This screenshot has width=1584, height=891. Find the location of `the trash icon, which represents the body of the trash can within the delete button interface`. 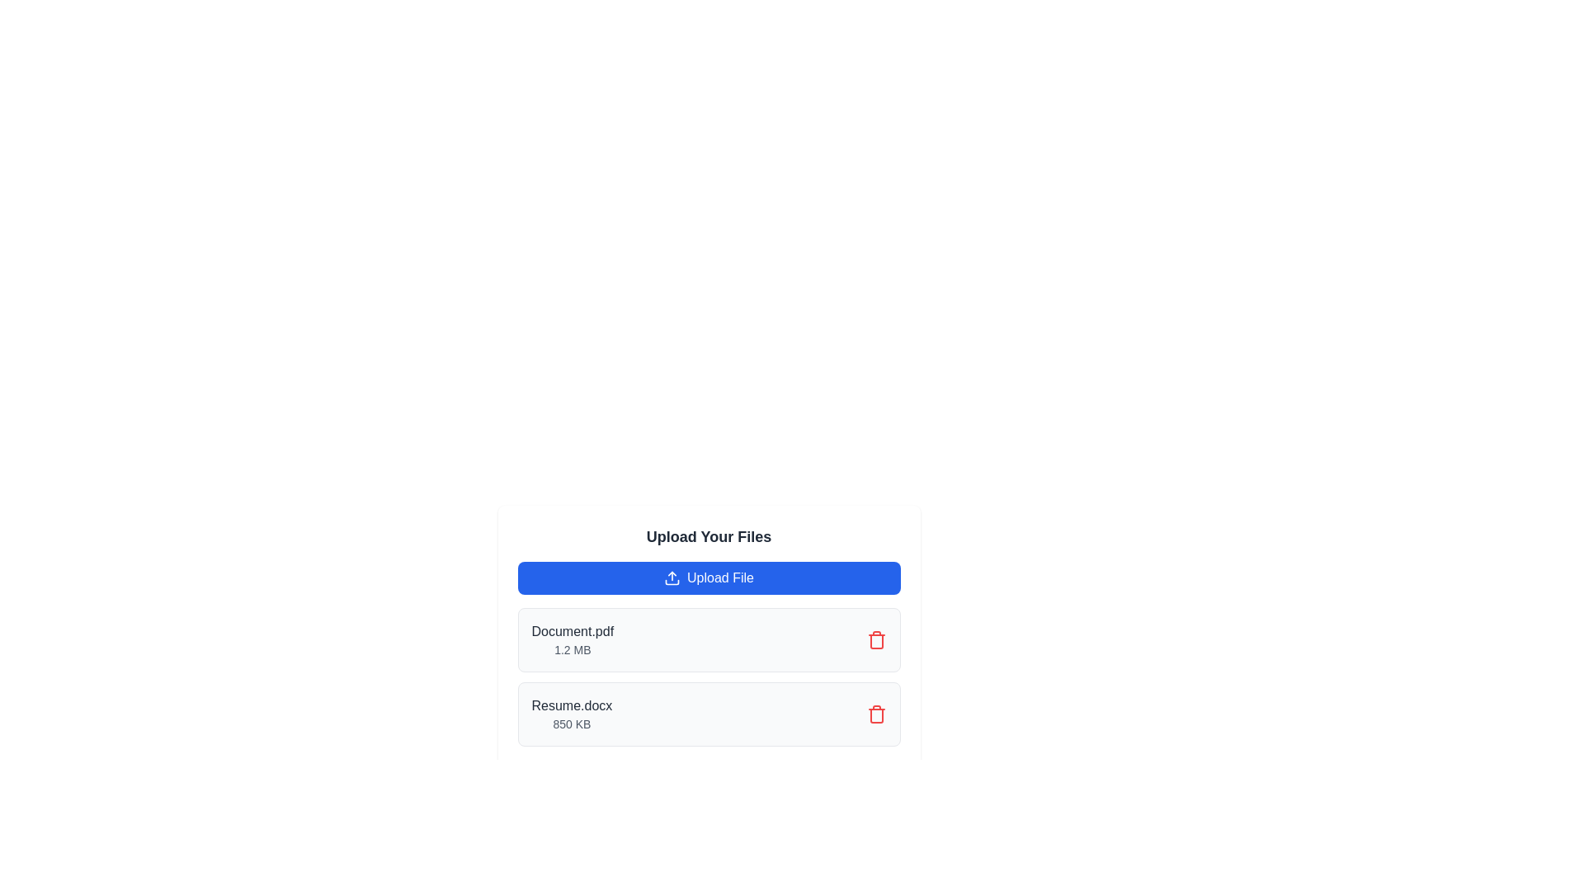

the trash icon, which represents the body of the trash can within the delete button interface is located at coordinates (875, 714).